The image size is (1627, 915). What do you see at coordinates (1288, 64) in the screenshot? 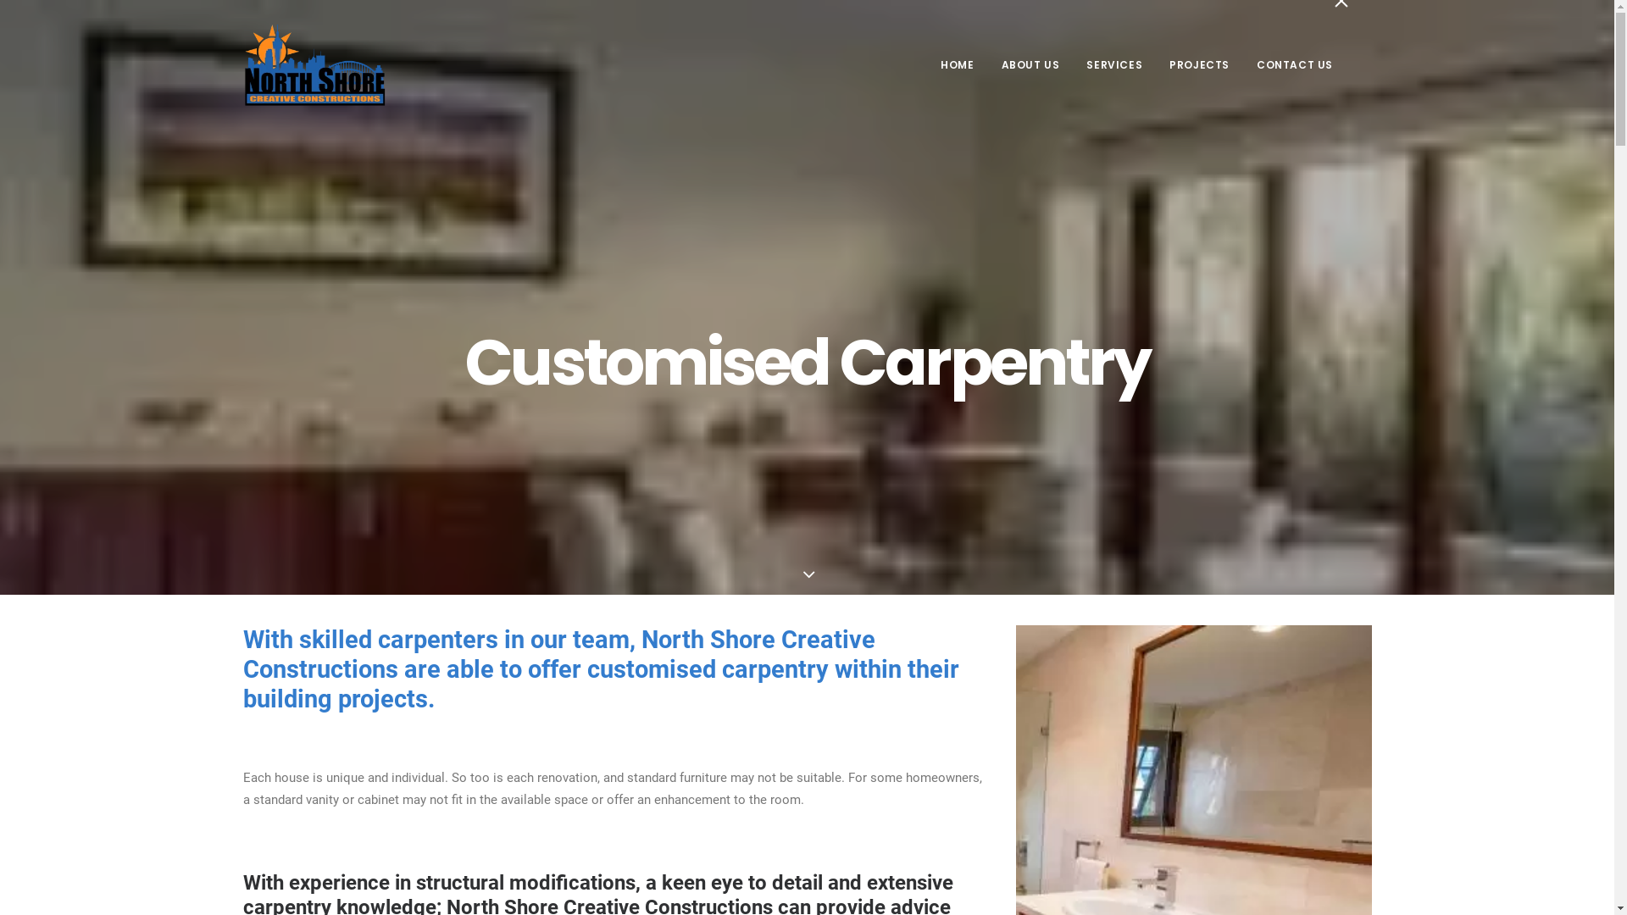
I see `'CONTACT US'` at bounding box center [1288, 64].